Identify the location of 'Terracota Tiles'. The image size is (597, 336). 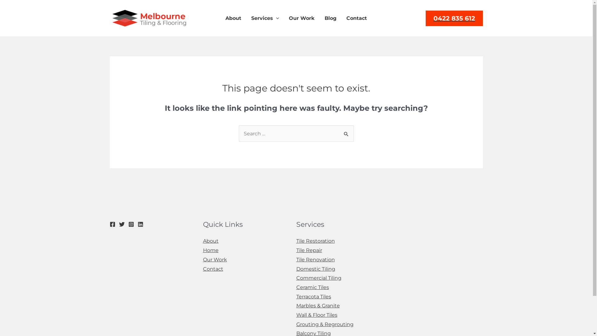
(313, 296).